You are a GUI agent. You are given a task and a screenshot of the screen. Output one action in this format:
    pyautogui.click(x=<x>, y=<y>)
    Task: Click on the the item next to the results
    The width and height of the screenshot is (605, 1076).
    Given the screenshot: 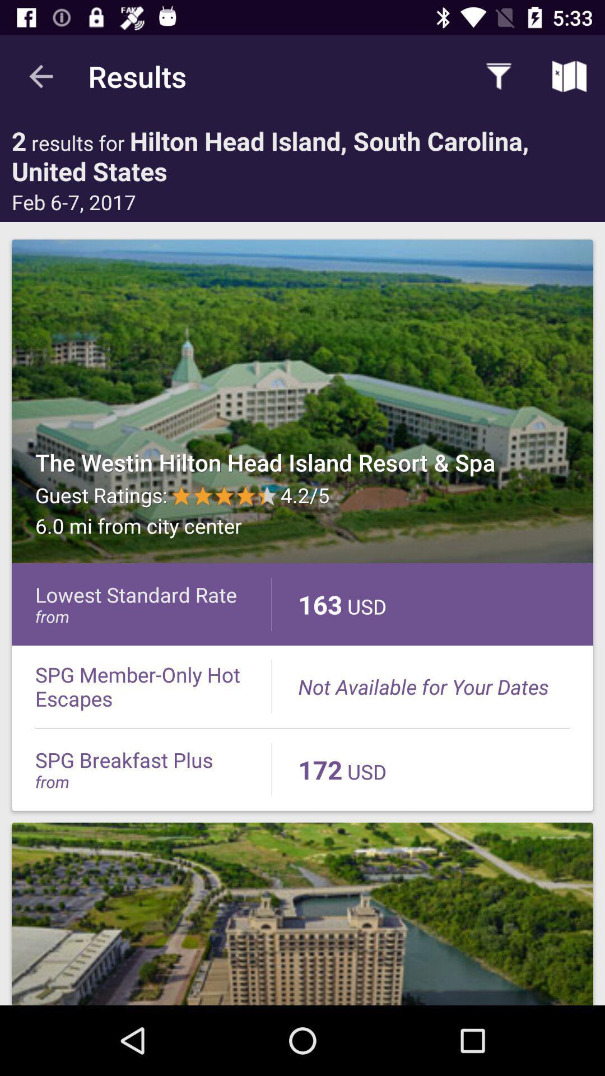 What is the action you would take?
    pyautogui.click(x=499, y=76)
    